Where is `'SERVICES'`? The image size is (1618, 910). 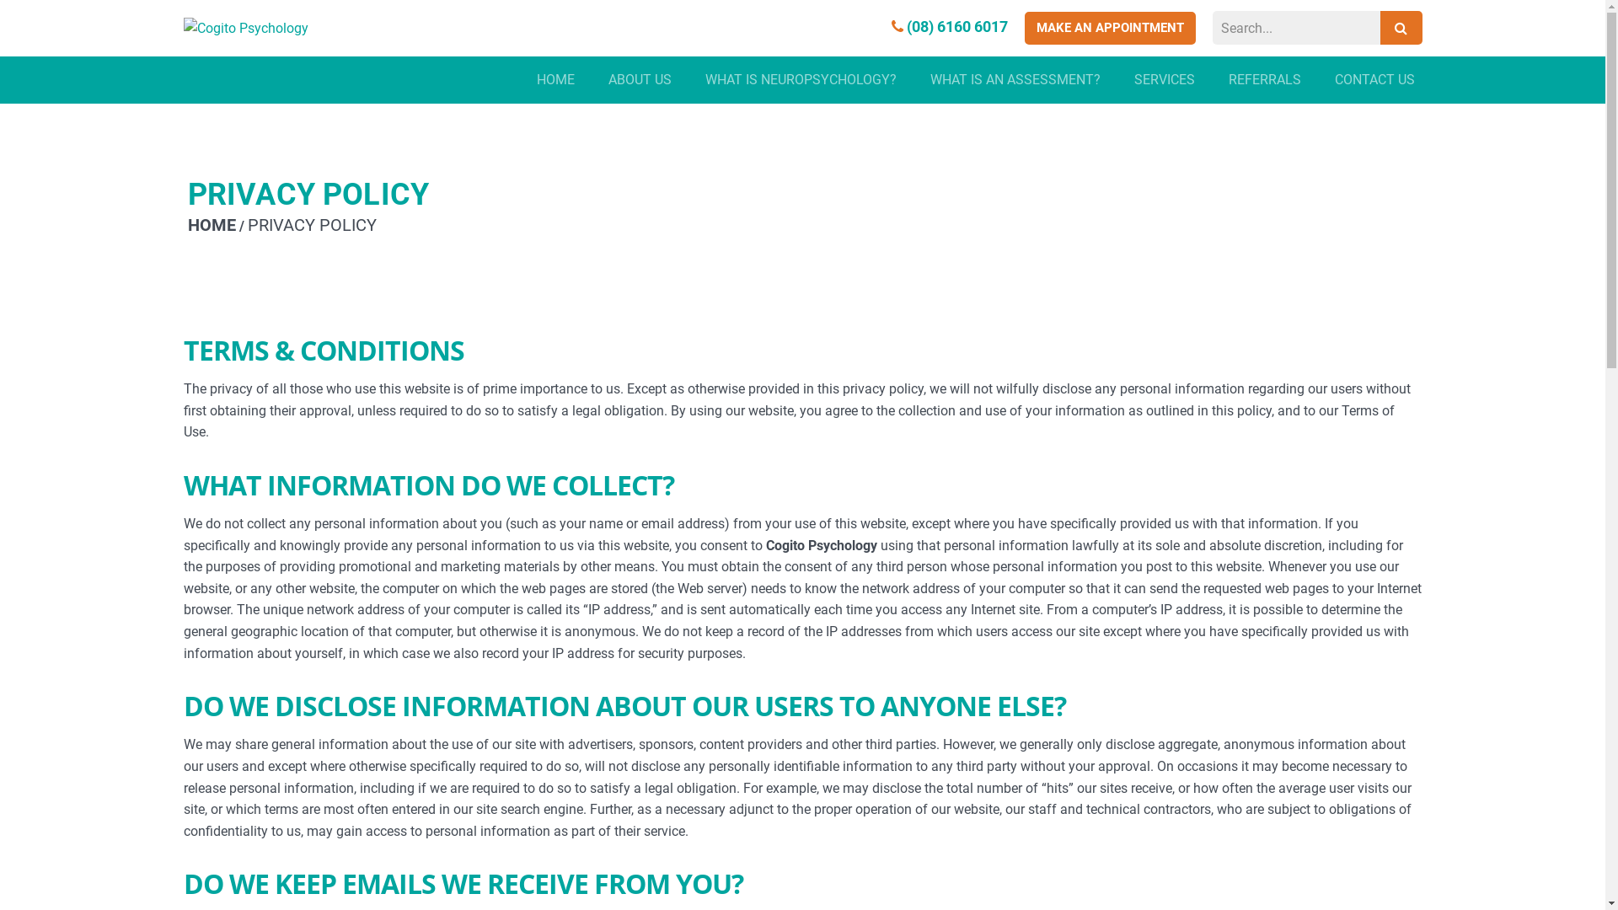 'SERVICES' is located at coordinates (1164, 80).